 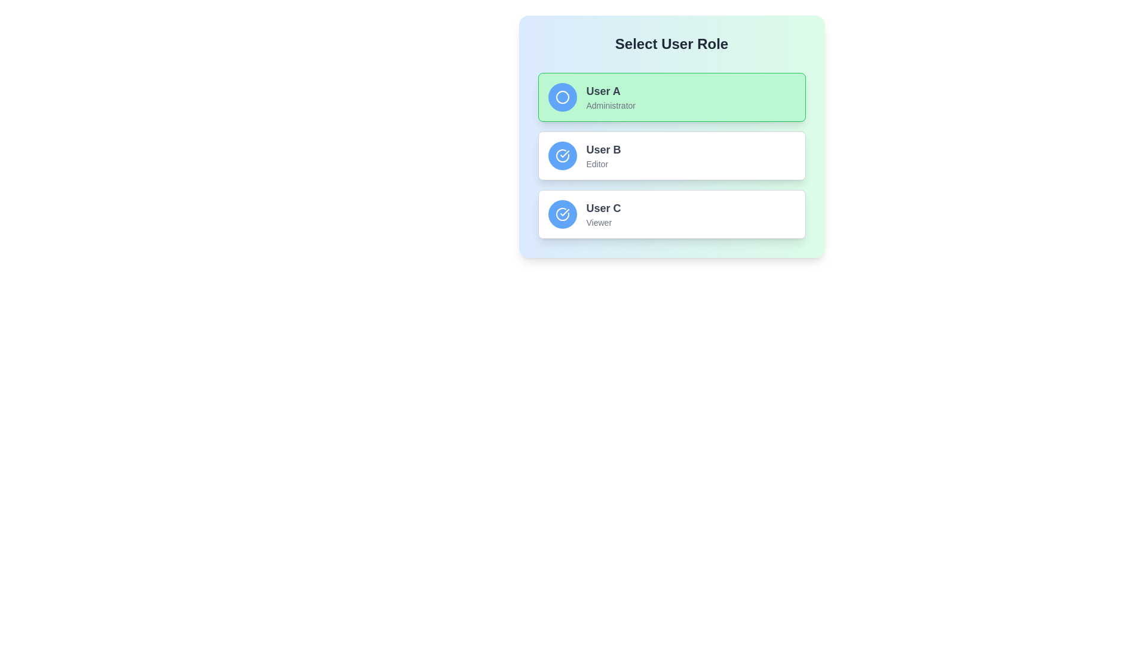 What do you see at coordinates (611, 96) in the screenshot?
I see `the label displaying 'User A' with the subtitle 'Administrator' within the green card, located to the right of the blue circular icon` at bounding box center [611, 96].